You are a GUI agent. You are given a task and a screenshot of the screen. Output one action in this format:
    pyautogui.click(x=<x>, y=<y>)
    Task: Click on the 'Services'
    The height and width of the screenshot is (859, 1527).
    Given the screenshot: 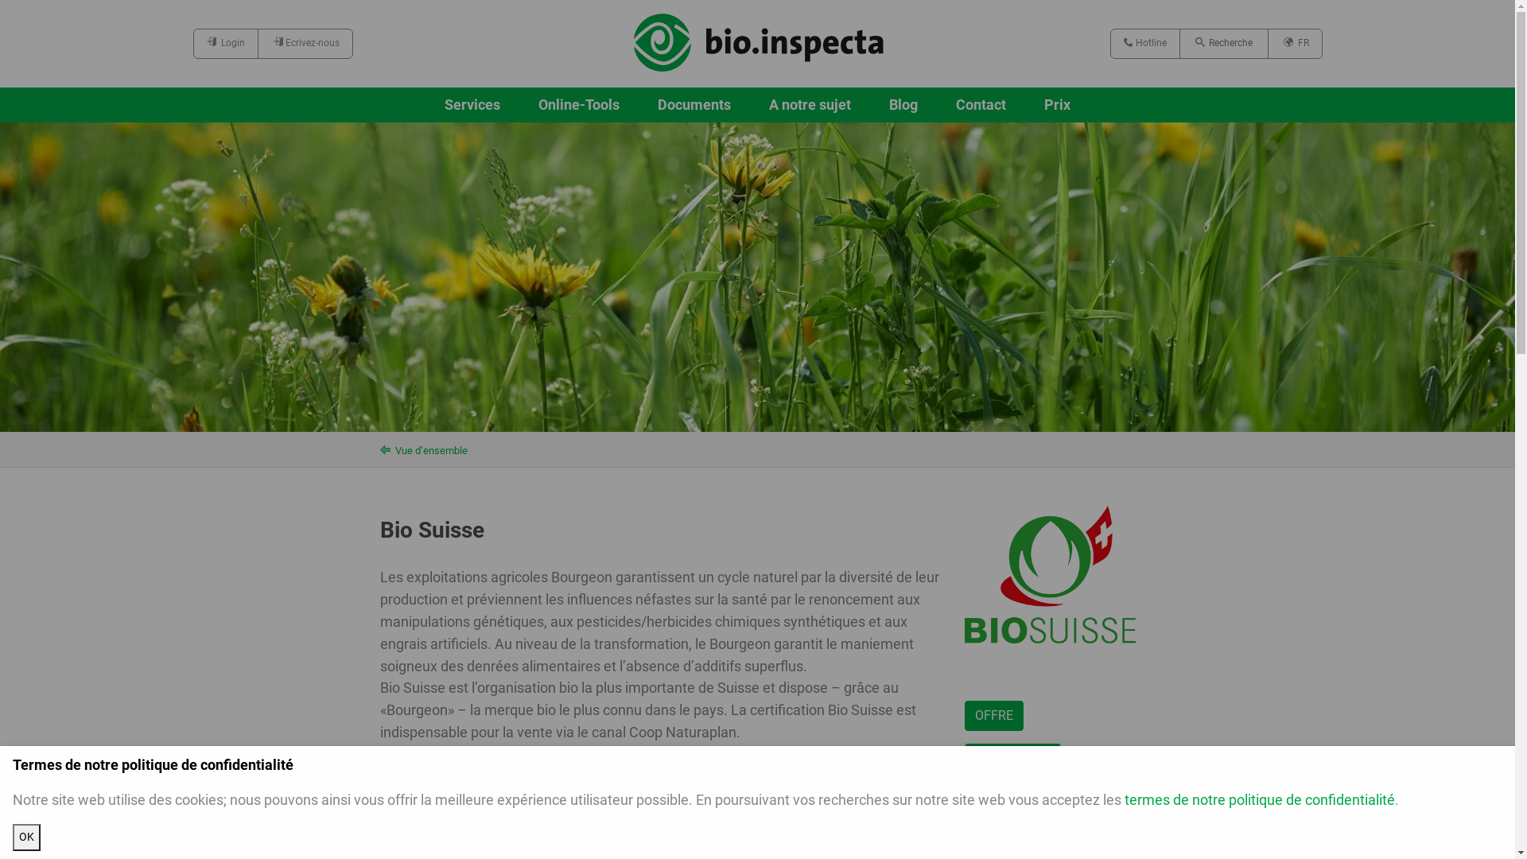 What is the action you would take?
    pyautogui.click(x=472, y=104)
    